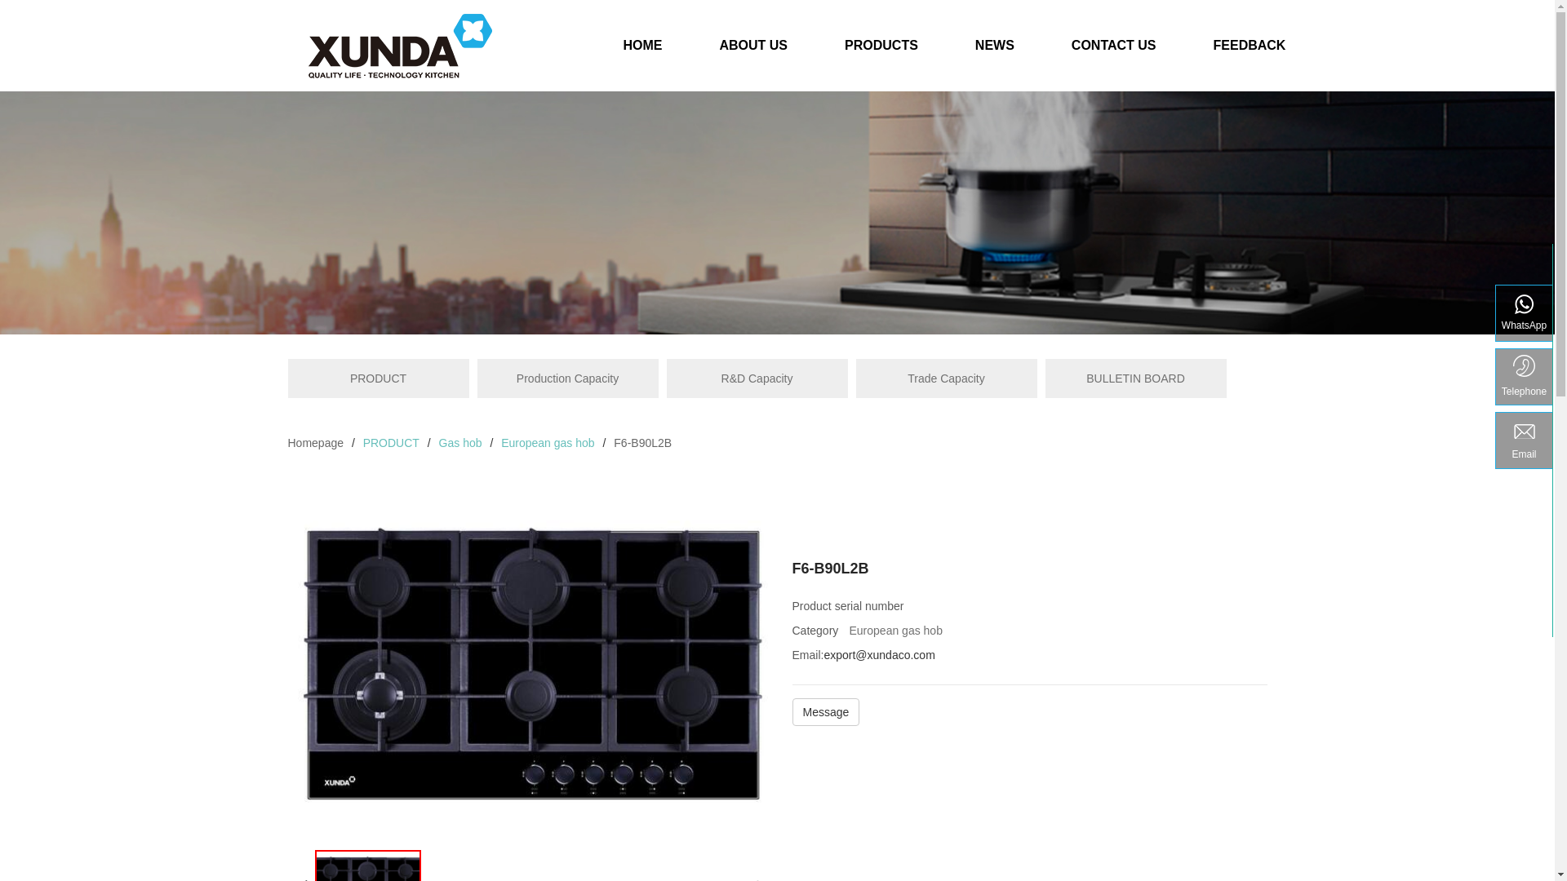  What do you see at coordinates (1184, 51) in the screenshot?
I see `'FEEDBACK'` at bounding box center [1184, 51].